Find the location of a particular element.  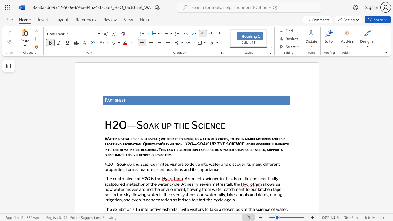

the space between the continuous character "e" and "e" in the text is located at coordinates (121, 100).